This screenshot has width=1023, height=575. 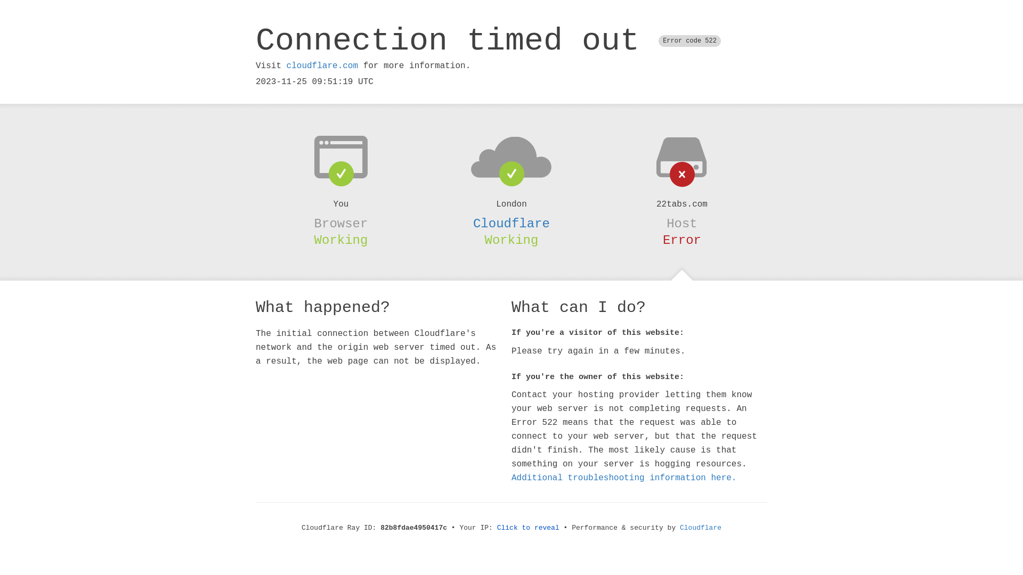 I want to click on 'Click to reveal', so click(x=528, y=528).